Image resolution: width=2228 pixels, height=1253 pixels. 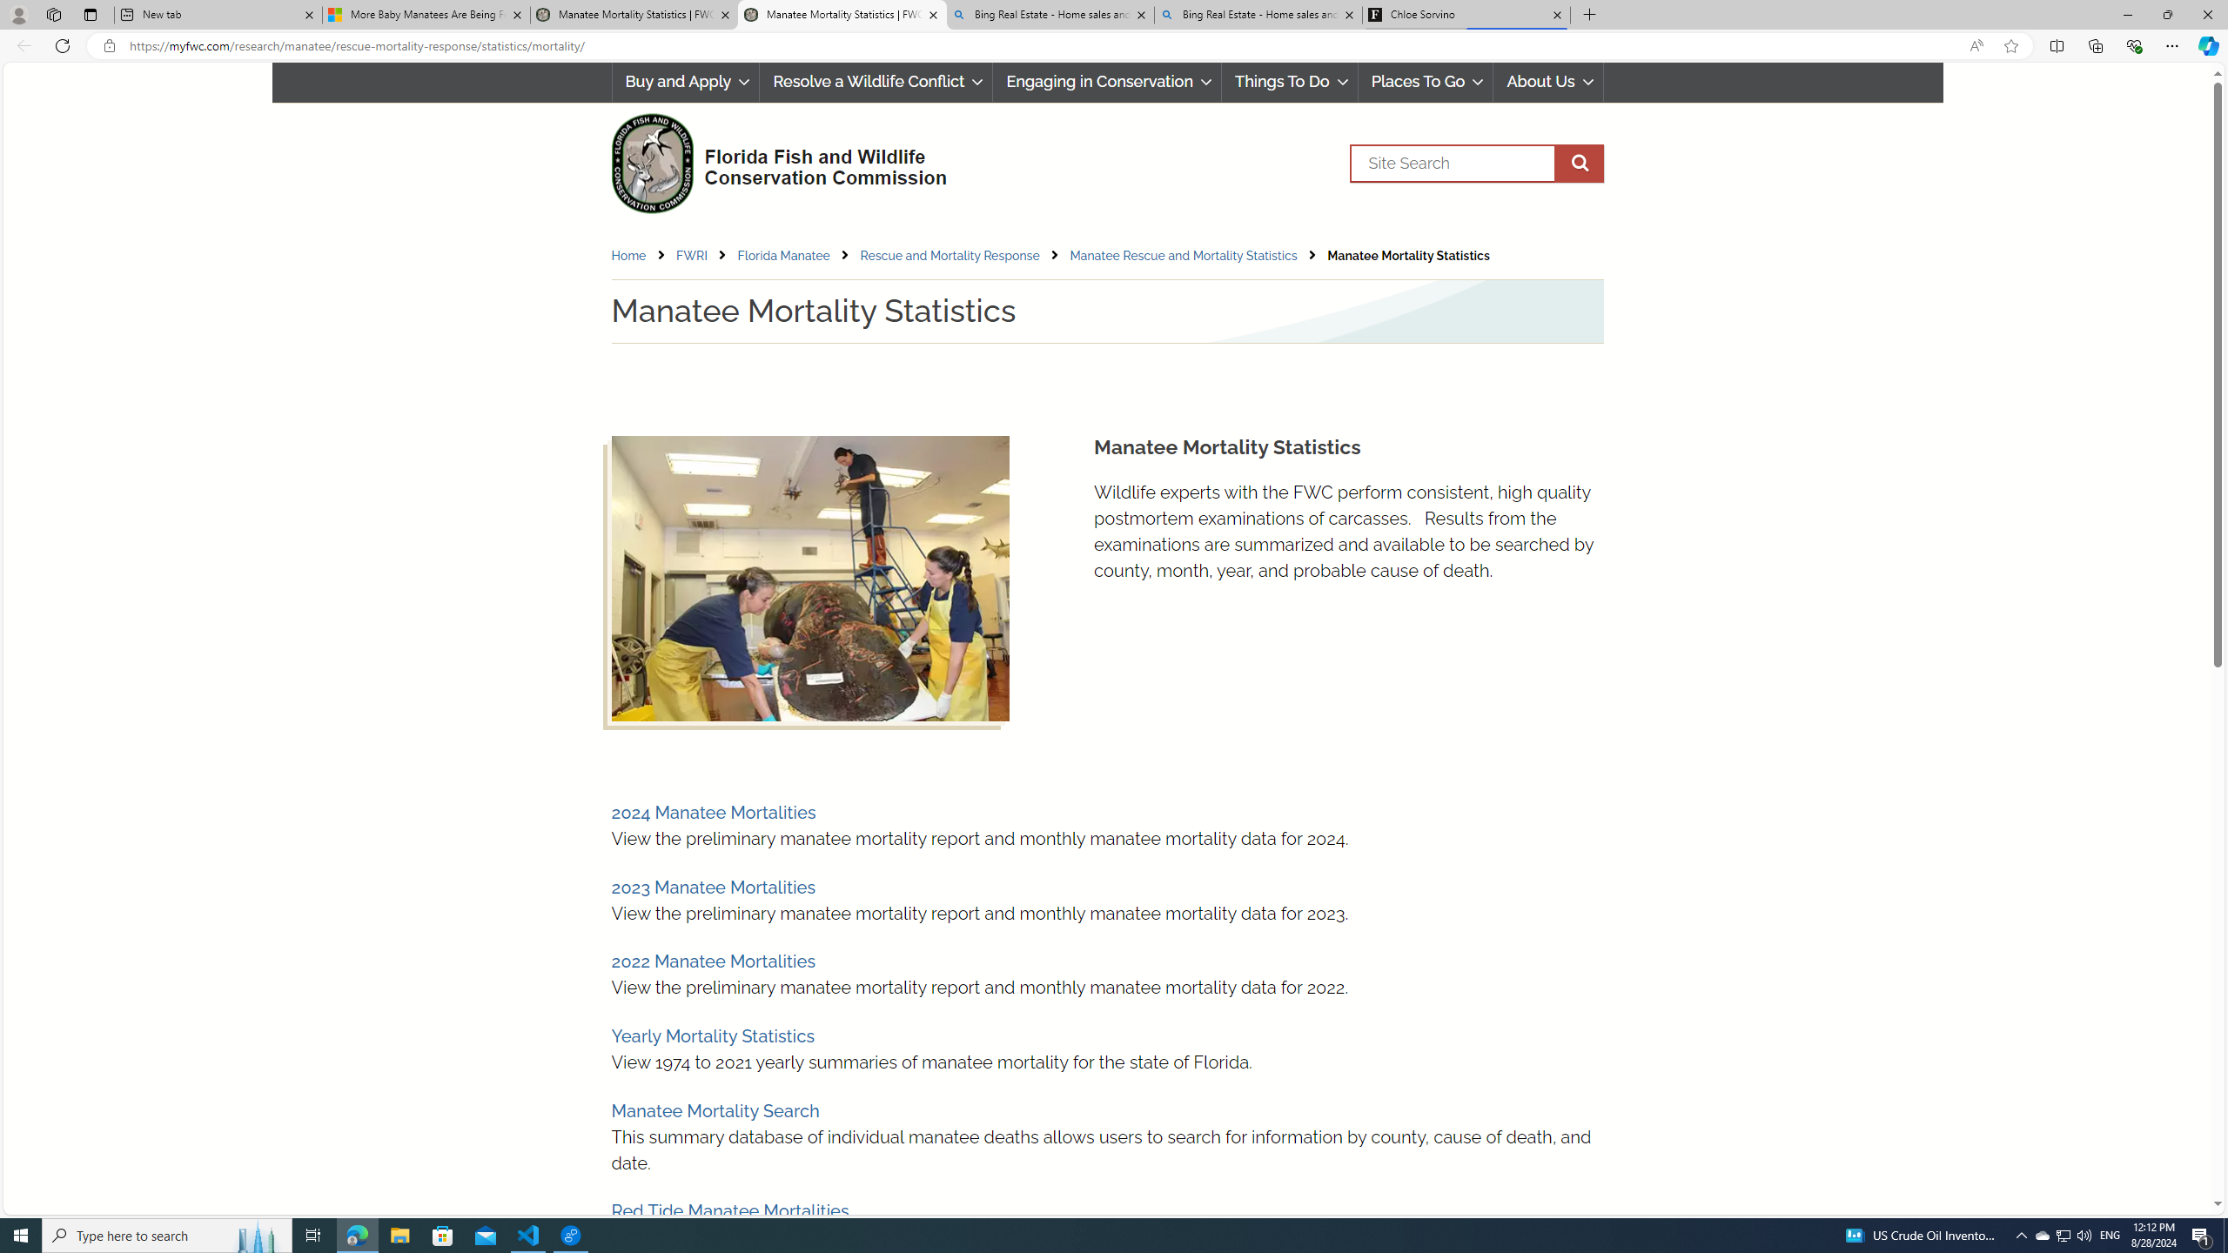 What do you see at coordinates (713, 886) in the screenshot?
I see `'2023 Manatee Mortalities'` at bounding box center [713, 886].